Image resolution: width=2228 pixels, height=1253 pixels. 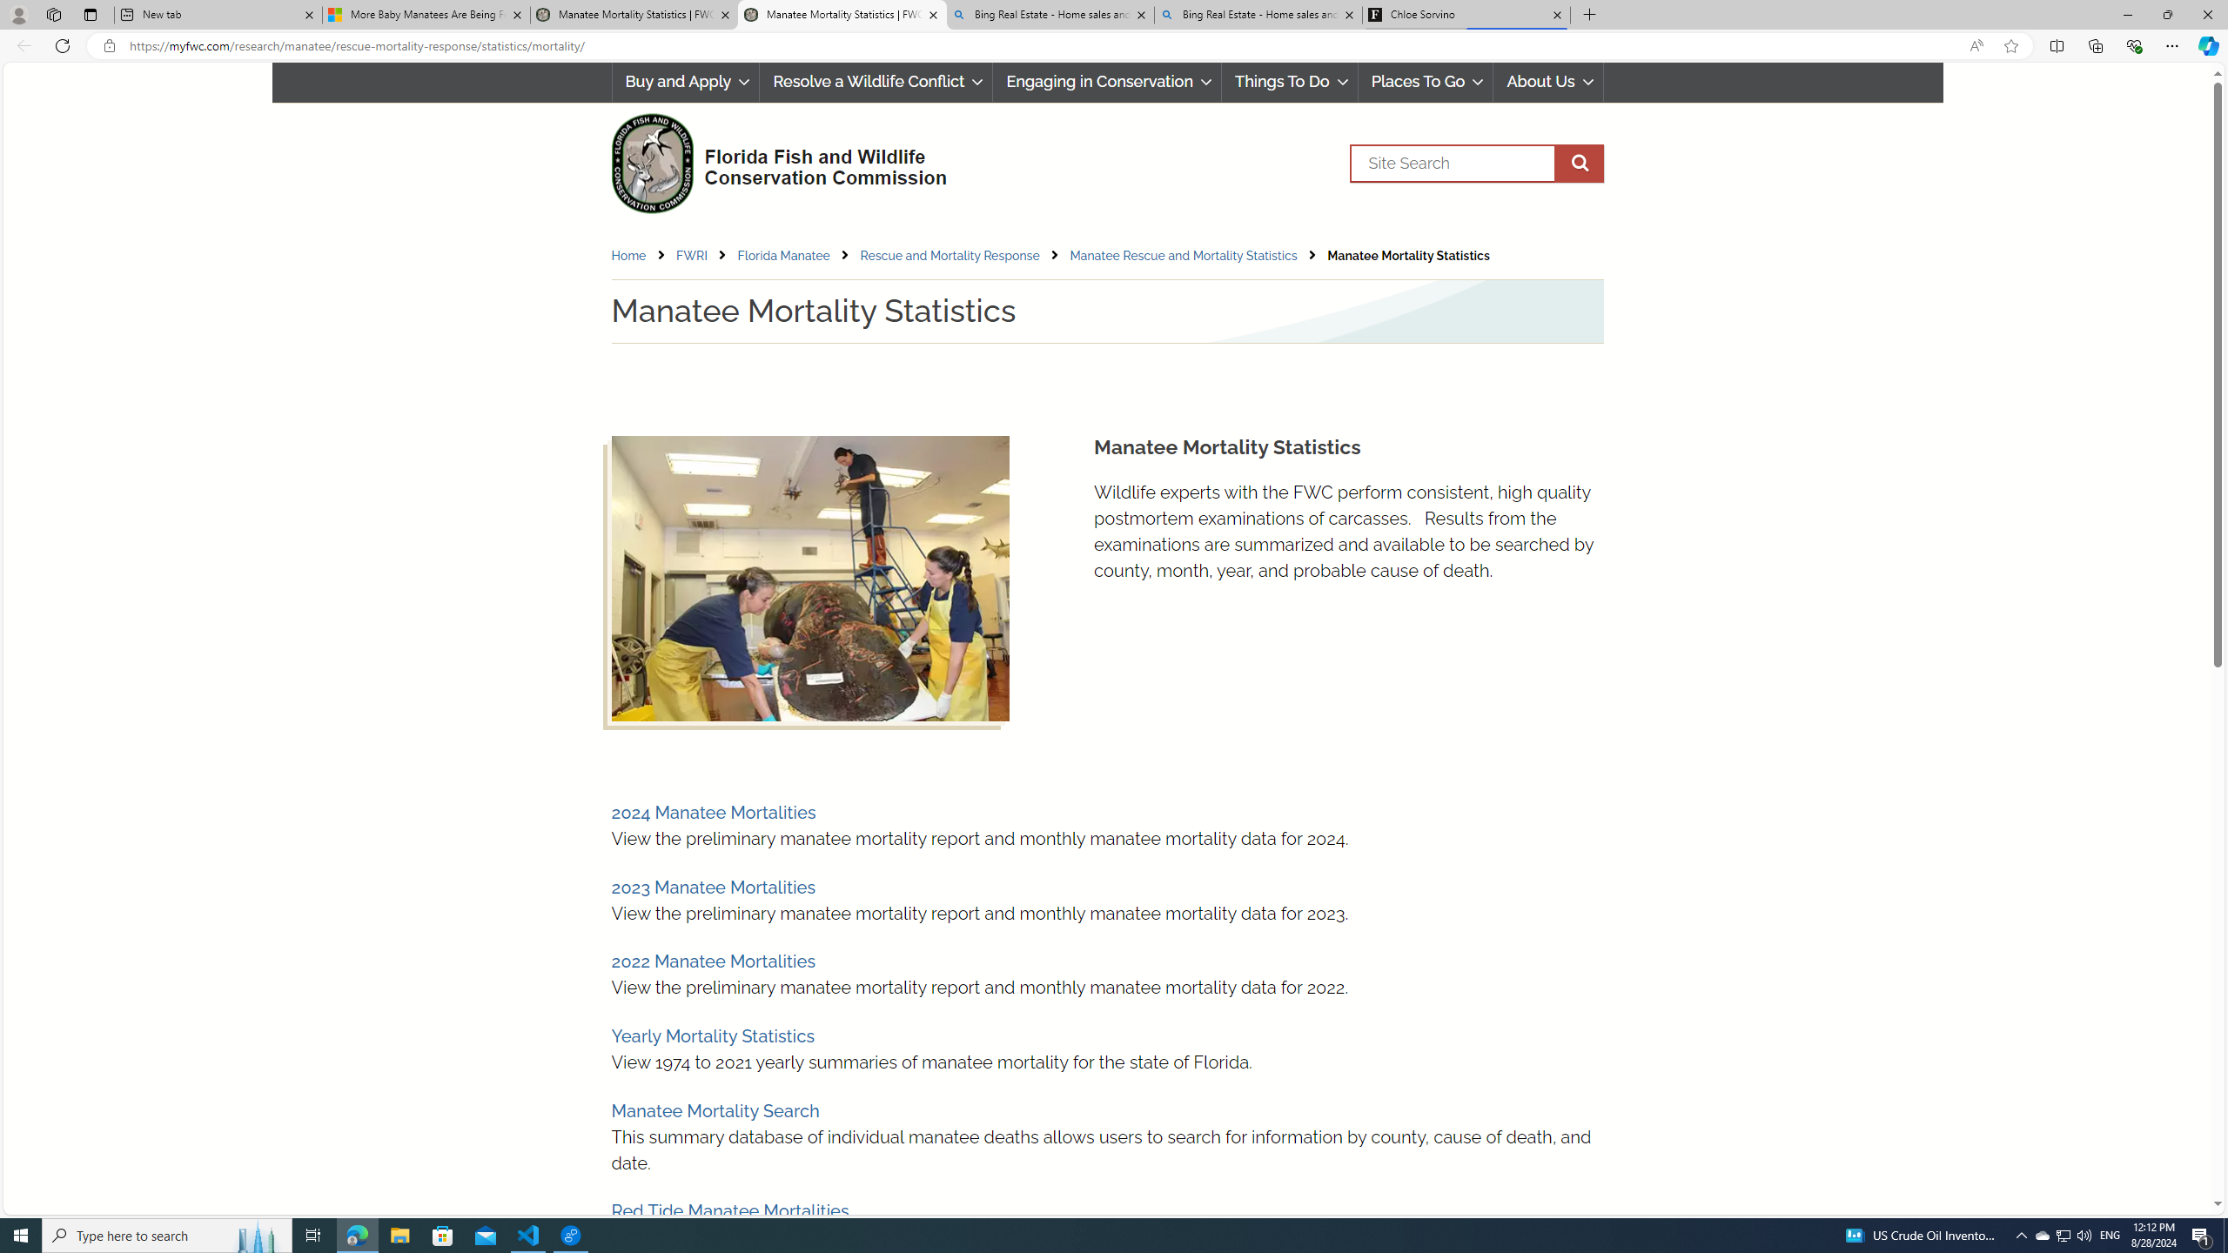 What do you see at coordinates (713, 886) in the screenshot?
I see `'2023 Manatee Mortalities'` at bounding box center [713, 886].